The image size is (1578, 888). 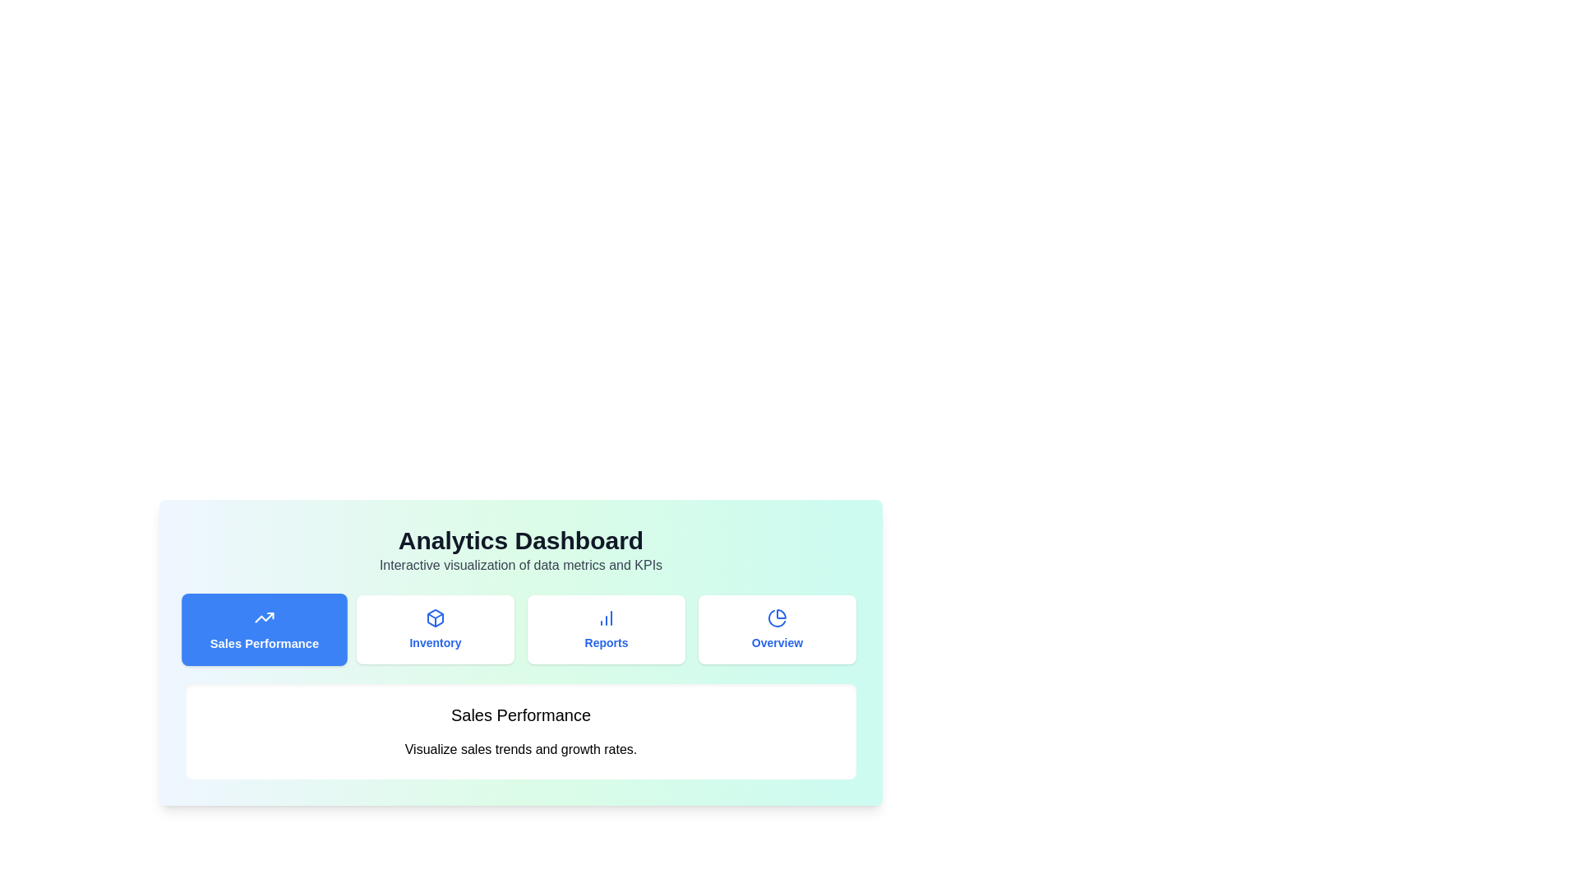 What do you see at coordinates (776, 629) in the screenshot?
I see `the tab labeled Overview` at bounding box center [776, 629].